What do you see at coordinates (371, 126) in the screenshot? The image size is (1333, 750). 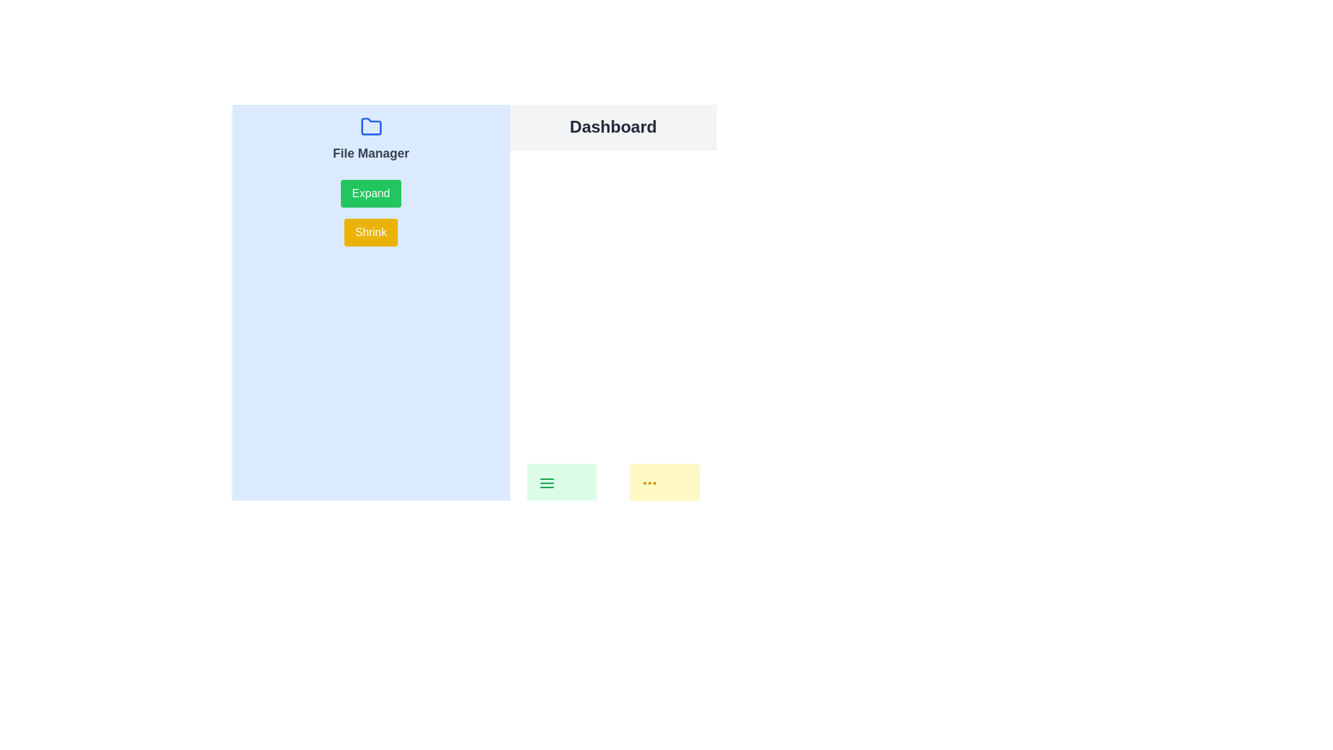 I see `the folder icon located above the 'File Manager' text label in the blue-shaded column on the left side of the layout` at bounding box center [371, 126].